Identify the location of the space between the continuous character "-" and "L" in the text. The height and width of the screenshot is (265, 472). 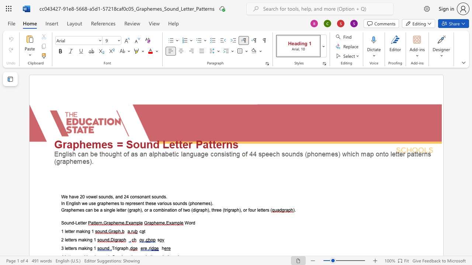
(76, 223).